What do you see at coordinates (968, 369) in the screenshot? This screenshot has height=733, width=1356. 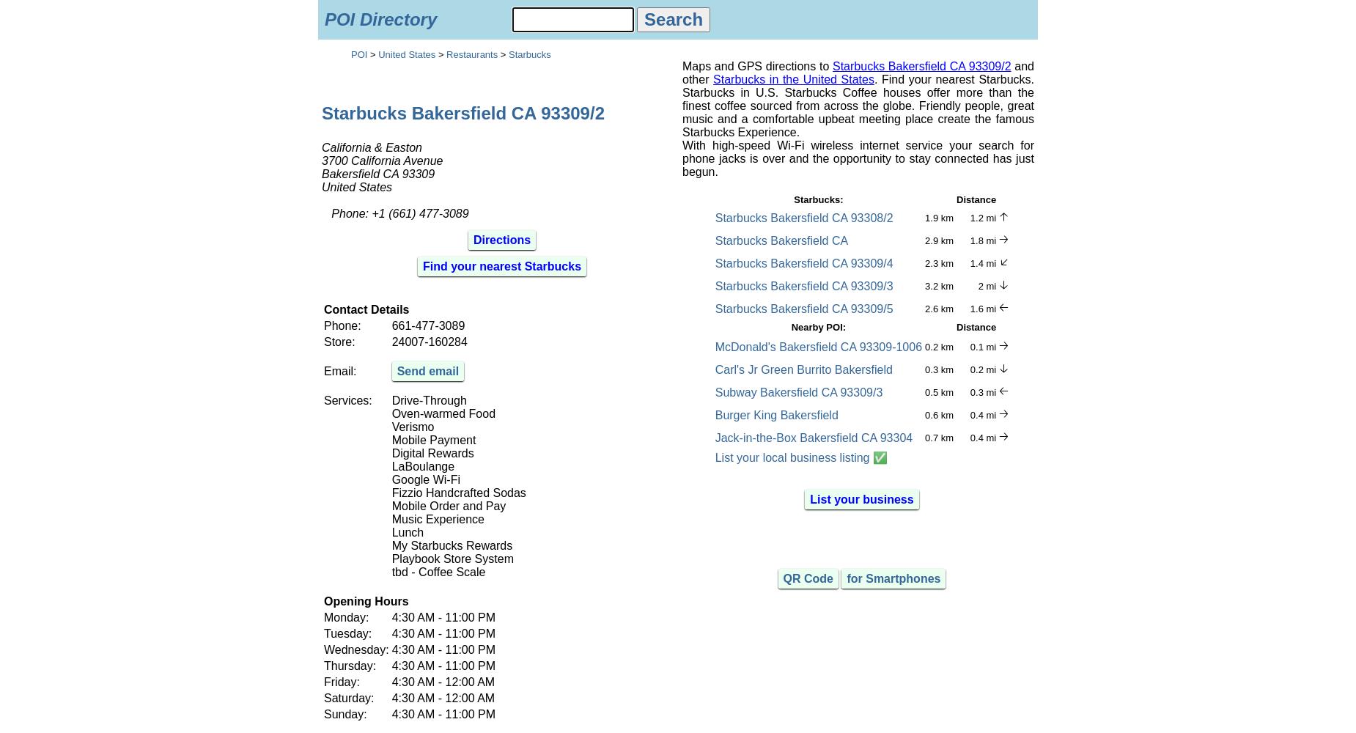 I see `'0.2 mi'` at bounding box center [968, 369].